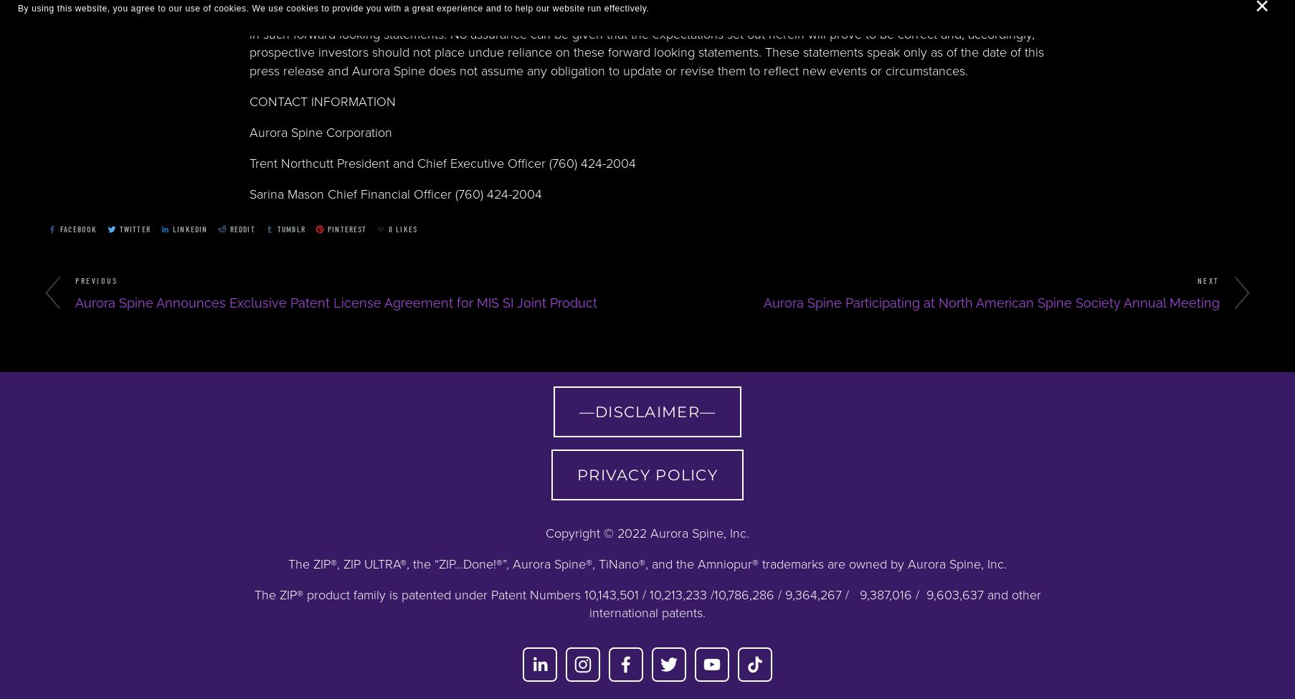 This screenshot has width=1295, height=699. Describe the element at coordinates (288, 564) in the screenshot. I see `'The ZIP®, ZIP ULTRA®, the “ZIP…Done!®”, Aurora Spine®, TiNano®, and the Amniopur® trademarks are owned by Aurora Spine, Inc.'` at that location.